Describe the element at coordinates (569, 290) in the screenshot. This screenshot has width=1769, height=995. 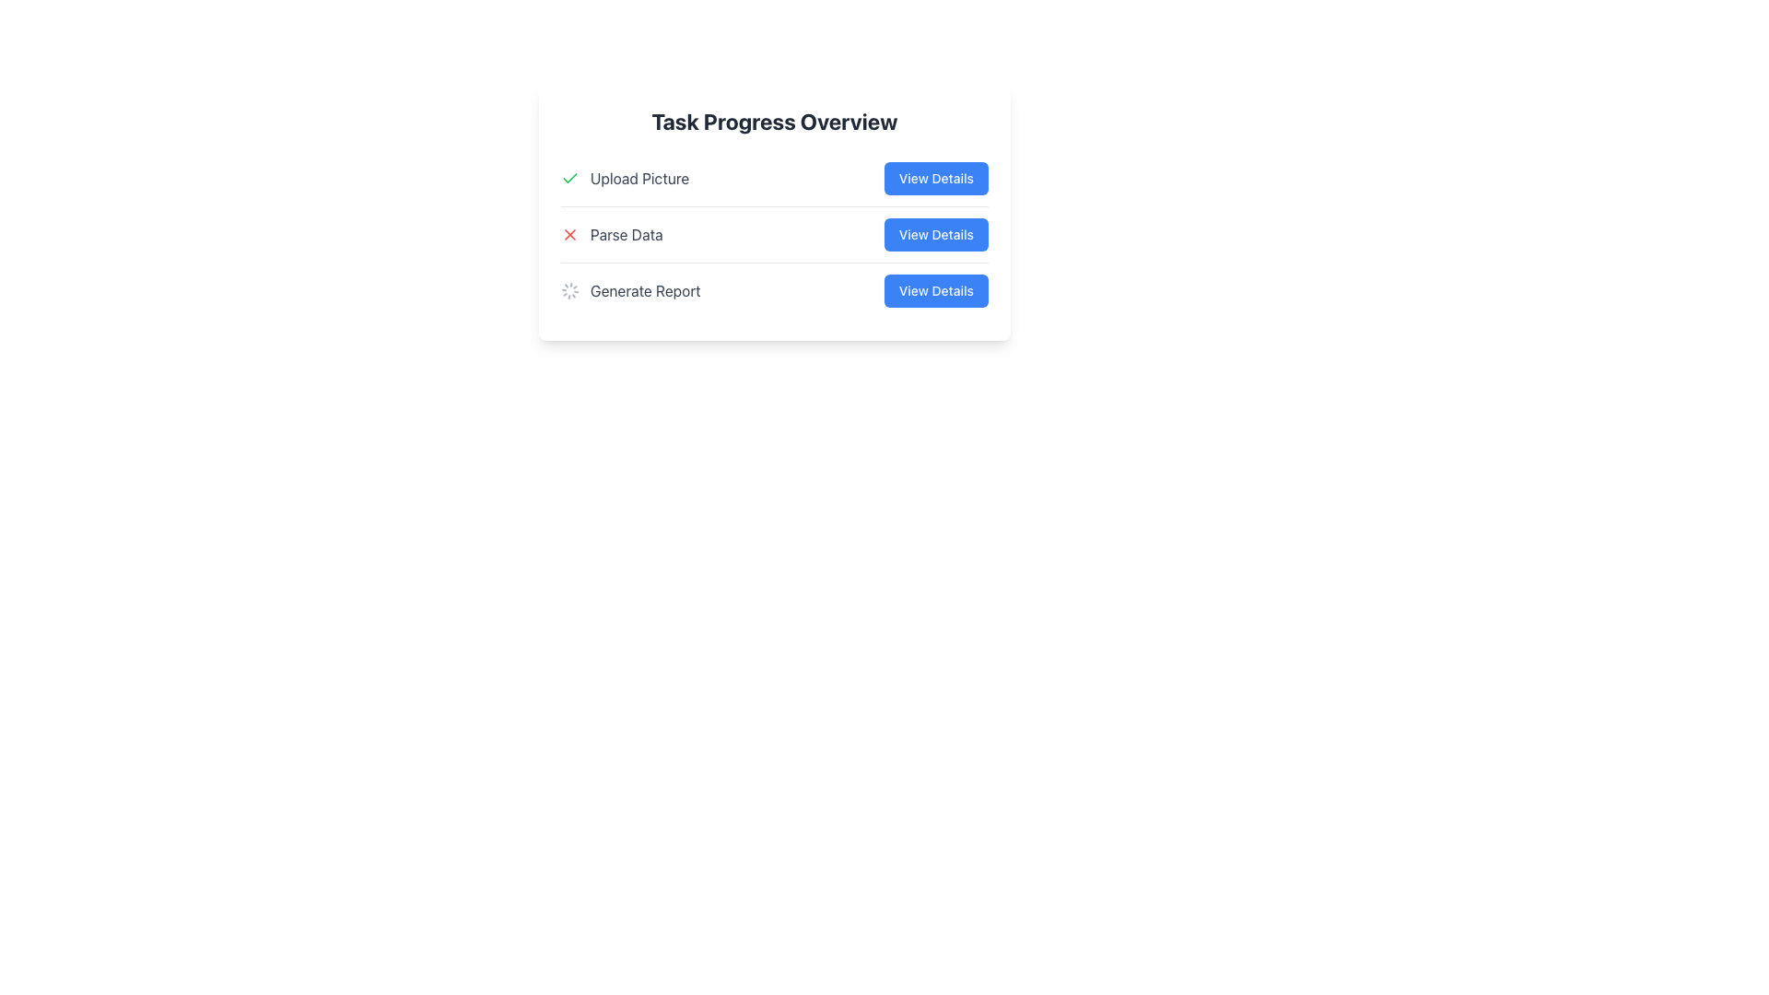
I see `the animation of the circular gray loading spinner positioned to the left of the 'Generate Report' text in the task list` at that location.